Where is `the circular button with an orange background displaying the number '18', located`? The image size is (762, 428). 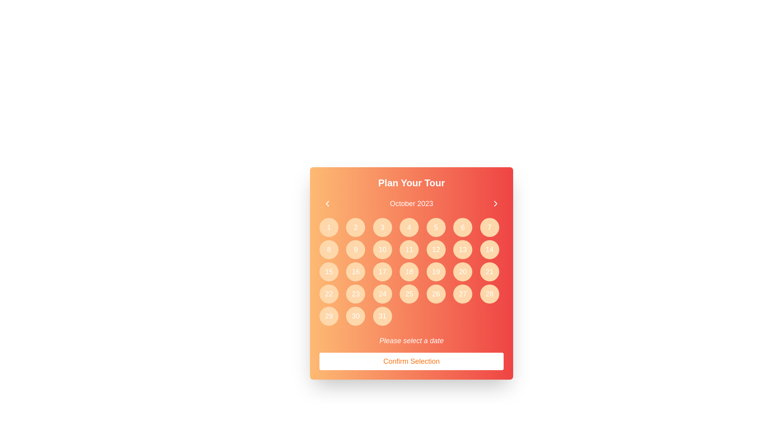
the circular button with an orange background displaying the number '18', located is located at coordinates (409, 271).